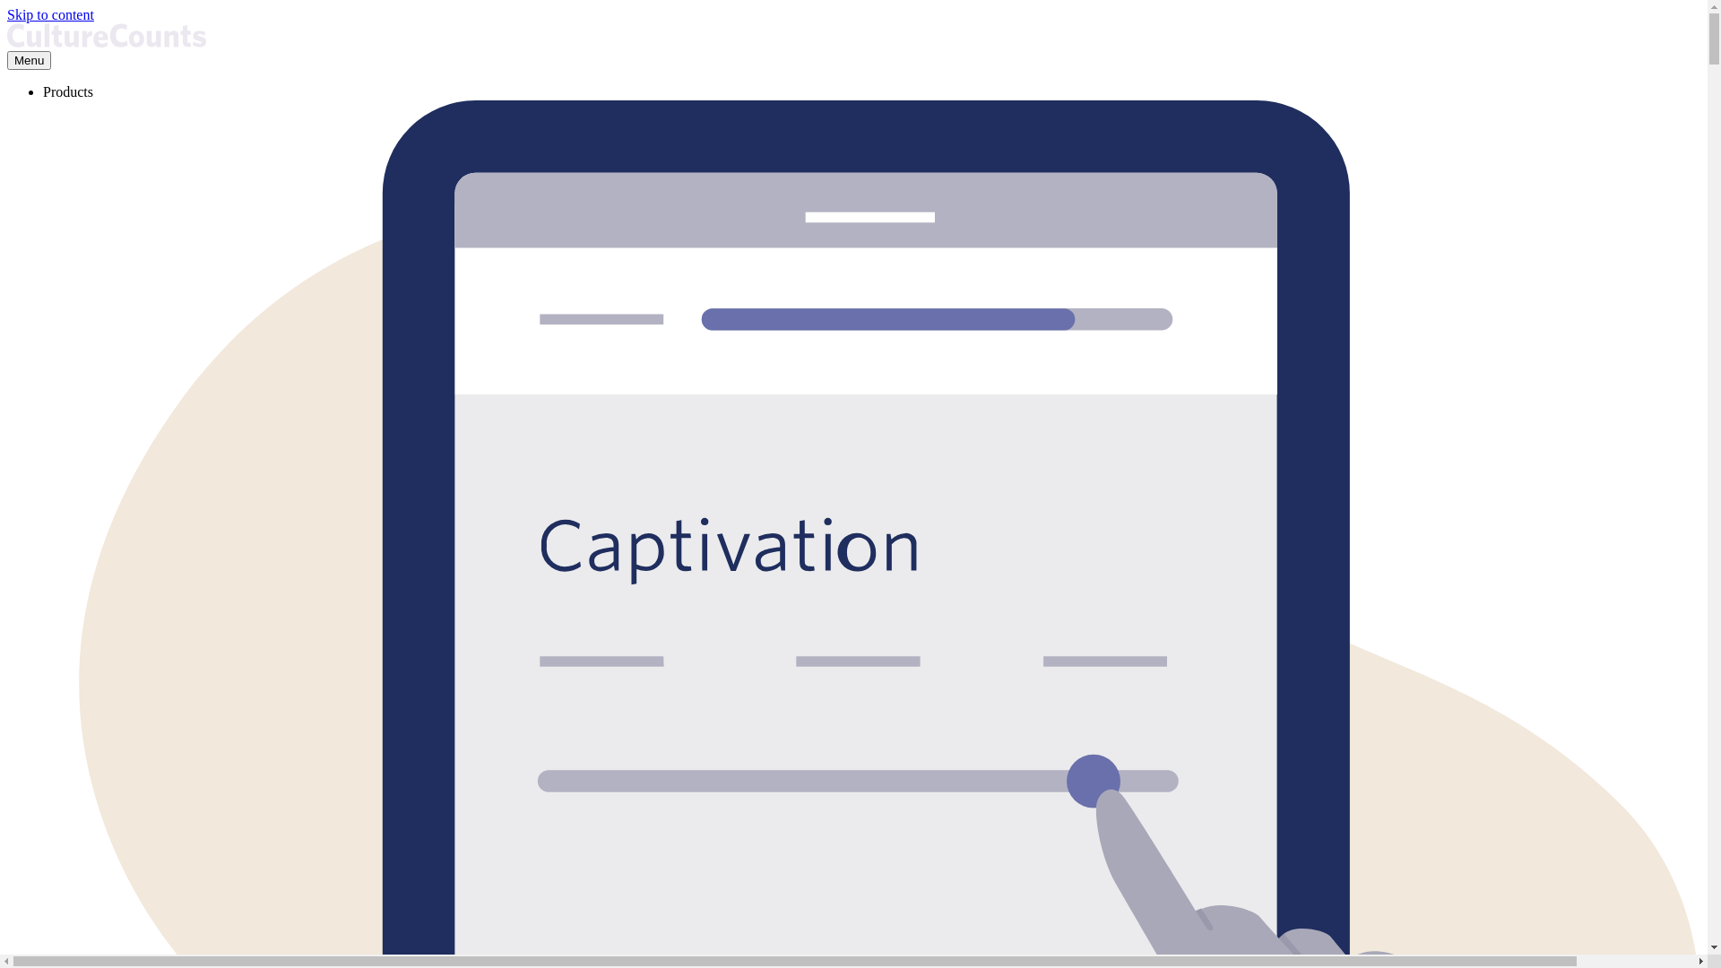  What do you see at coordinates (50, 14) in the screenshot?
I see `'Skip to content'` at bounding box center [50, 14].